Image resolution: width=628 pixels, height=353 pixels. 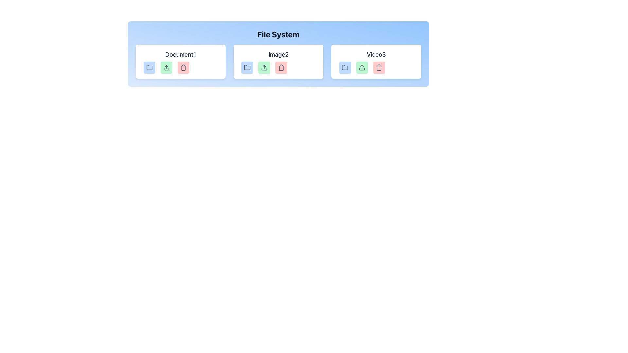 What do you see at coordinates (362, 68) in the screenshot?
I see `the 'Upload' button located in the 'Video3' section` at bounding box center [362, 68].